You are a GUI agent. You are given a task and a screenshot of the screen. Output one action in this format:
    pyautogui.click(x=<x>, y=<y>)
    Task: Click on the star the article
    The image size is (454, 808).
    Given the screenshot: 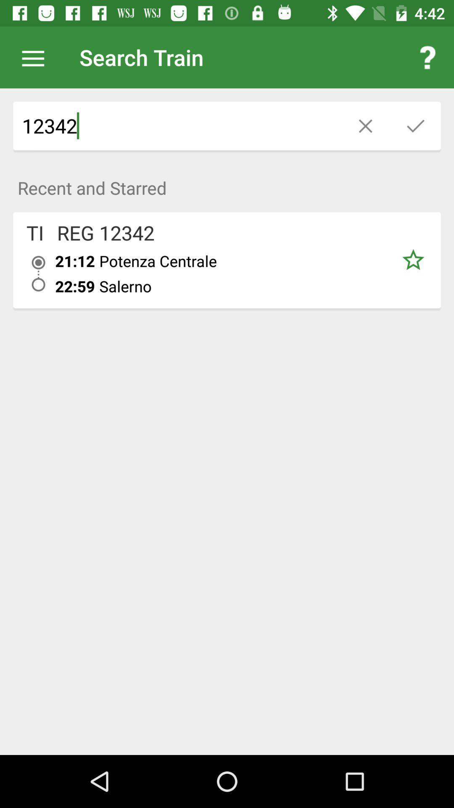 What is the action you would take?
    pyautogui.click(x=412, y=260)
    